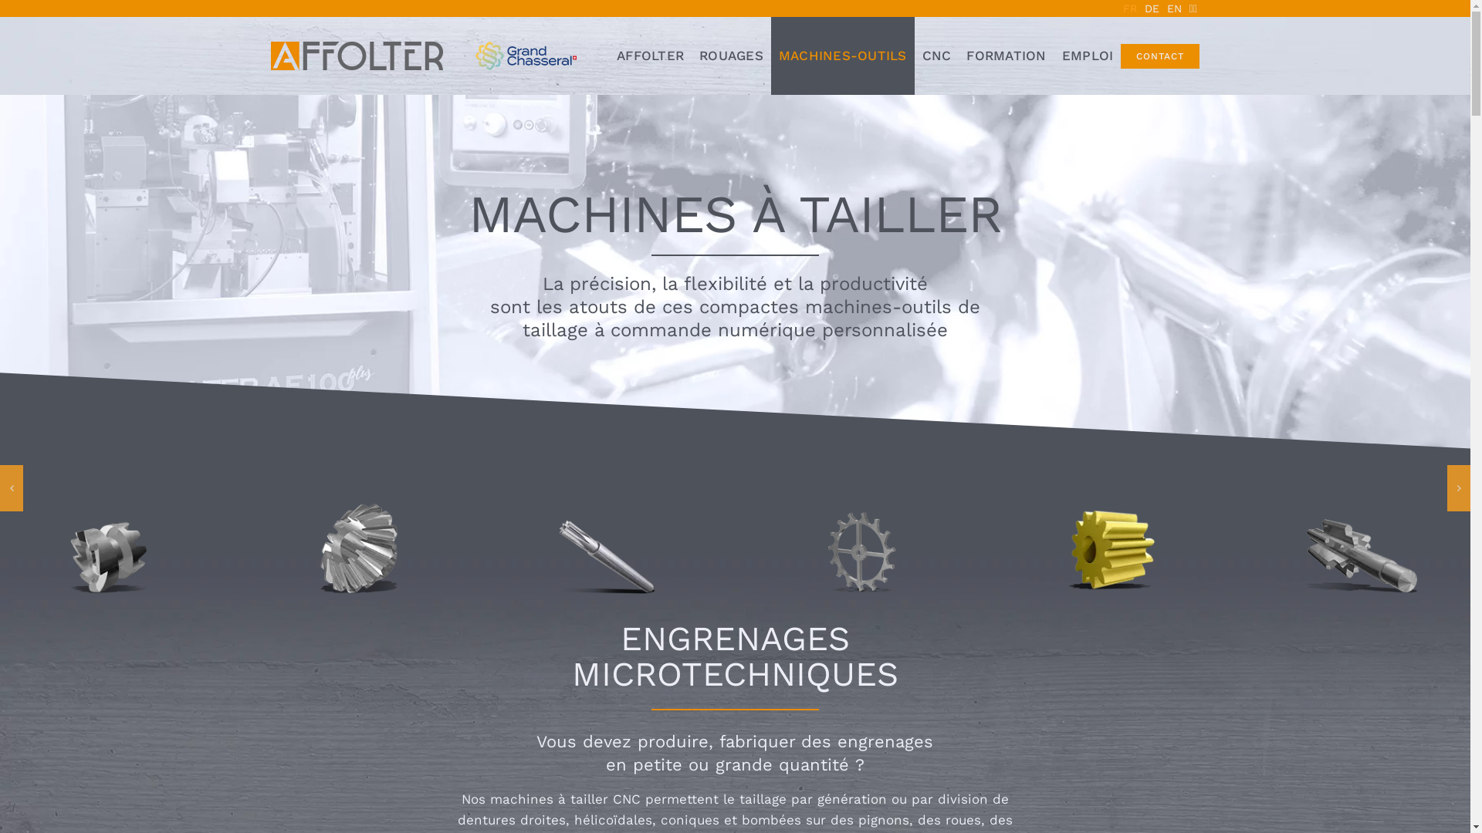 The height and width of the screenshot is (833, 1482). I want to click on 'DE', so click(1152, 8).